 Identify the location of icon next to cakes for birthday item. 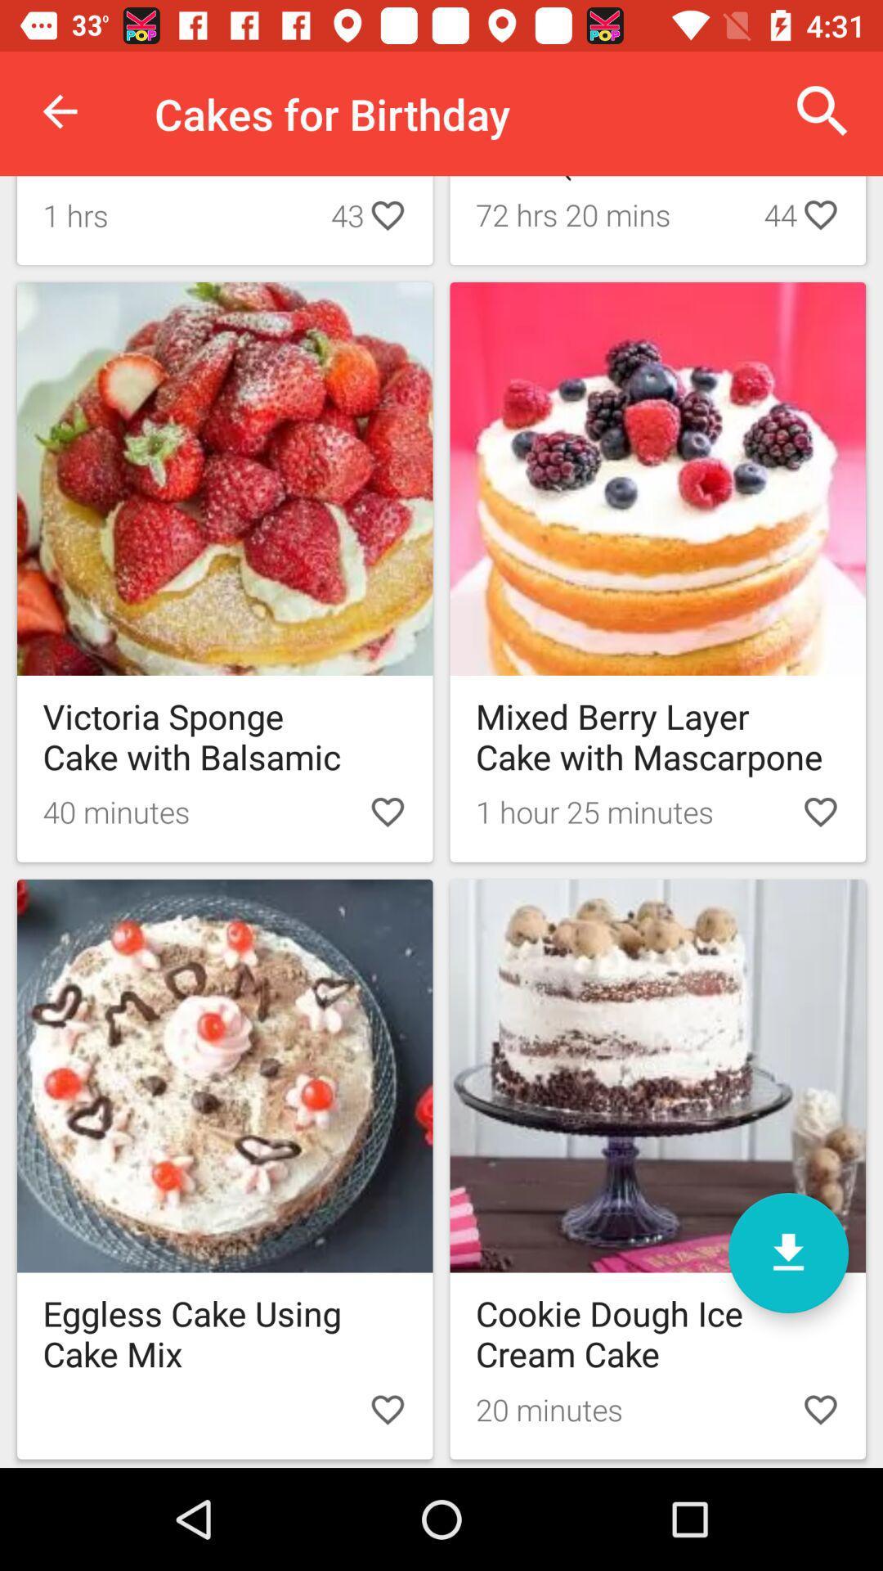
(59, 110).